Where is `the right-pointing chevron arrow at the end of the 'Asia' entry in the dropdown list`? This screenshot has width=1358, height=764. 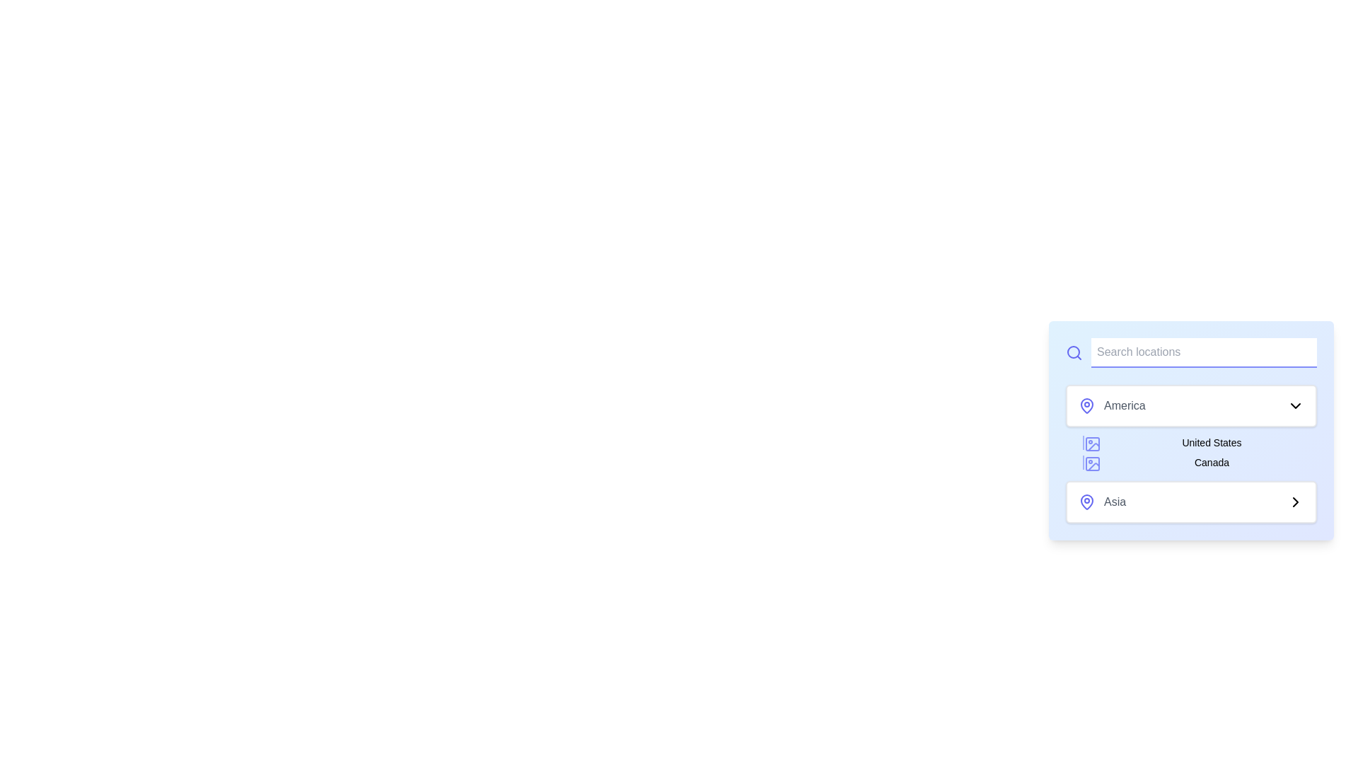 the right-pointing chevron arrow at the end of the 'Asia' entry in the dropdown list is located at coordinates (1296, 501).